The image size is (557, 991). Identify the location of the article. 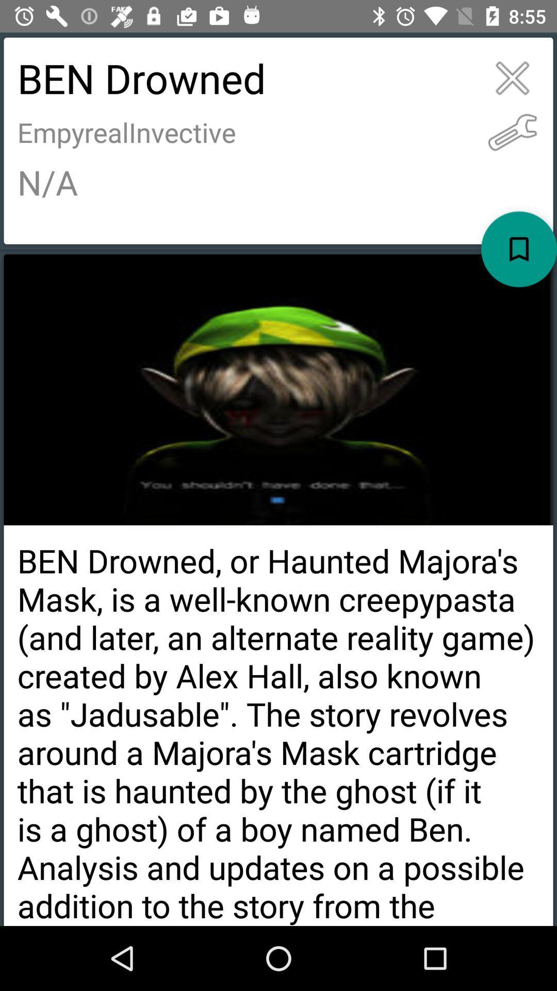
(512, 77).